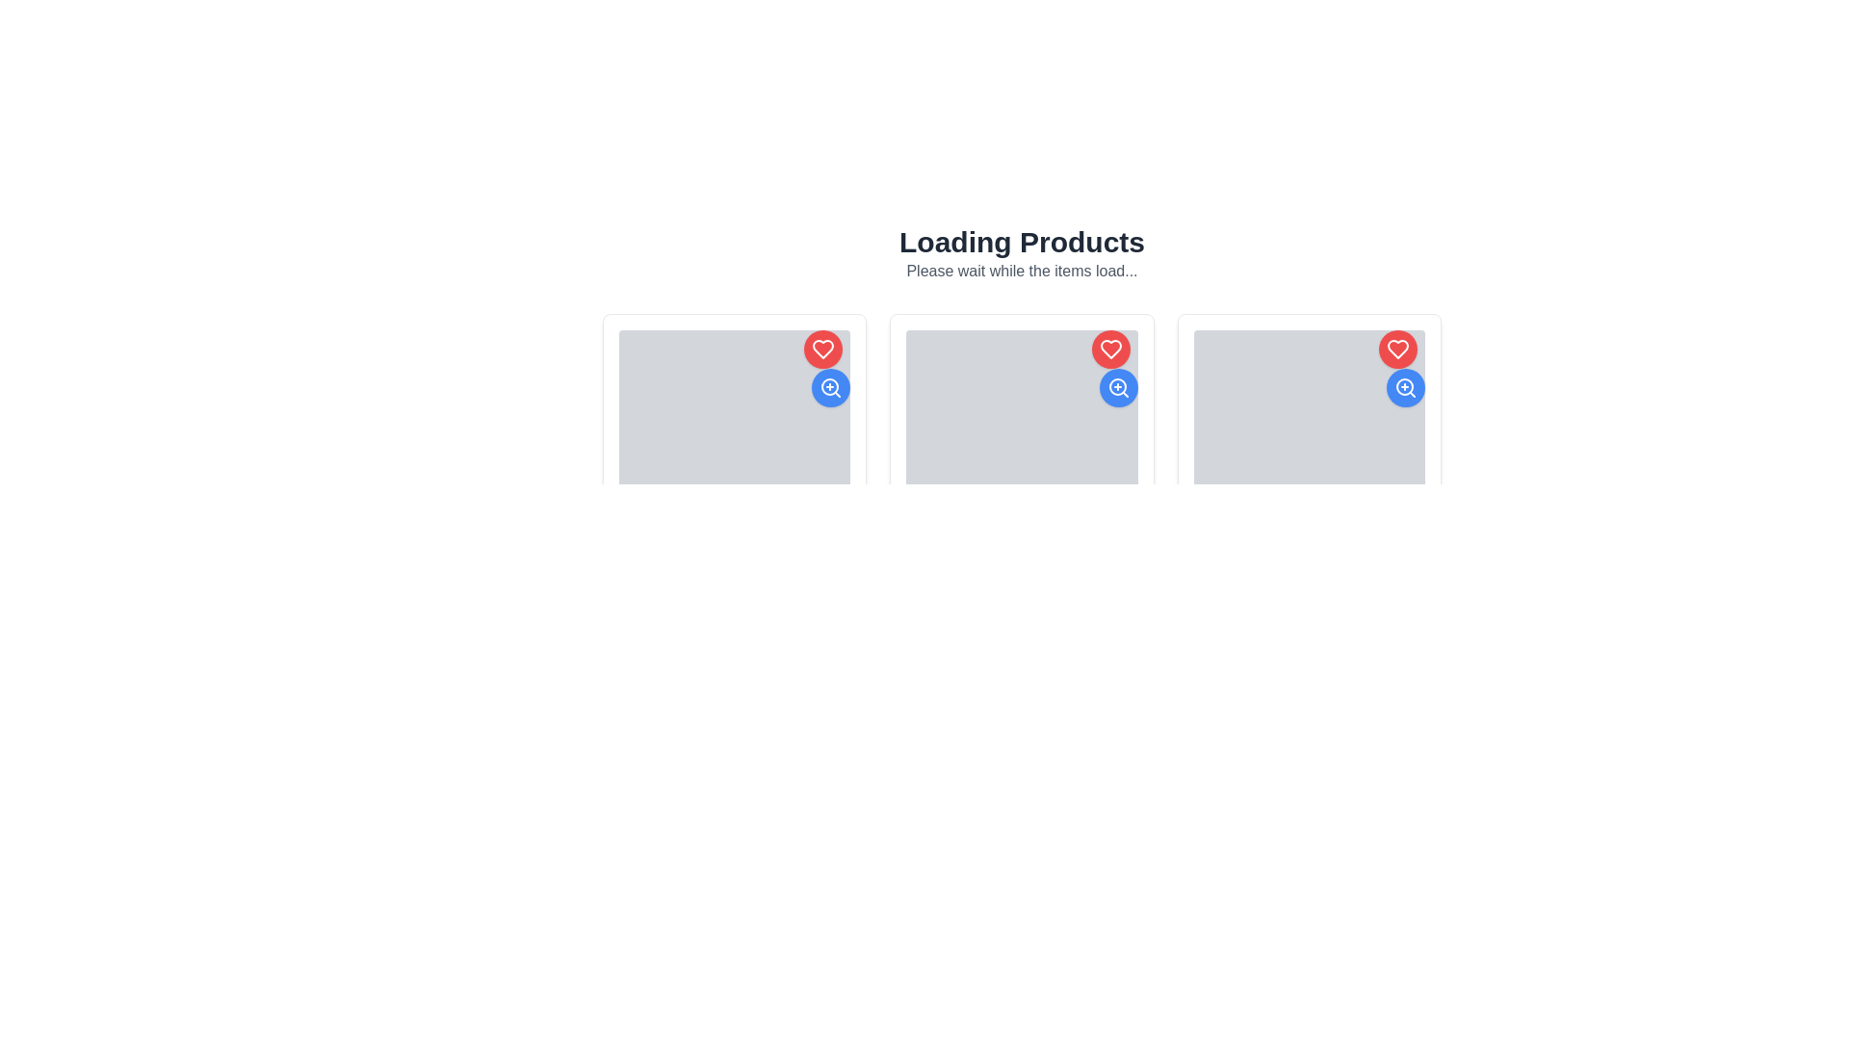  What do you see at coordinates (1118, 387) in the screenshot?
I see `the circular button with a blue background and white magnifying glass icon located at the bottom-right corner of the second card` at bounding box center [1118, 387].